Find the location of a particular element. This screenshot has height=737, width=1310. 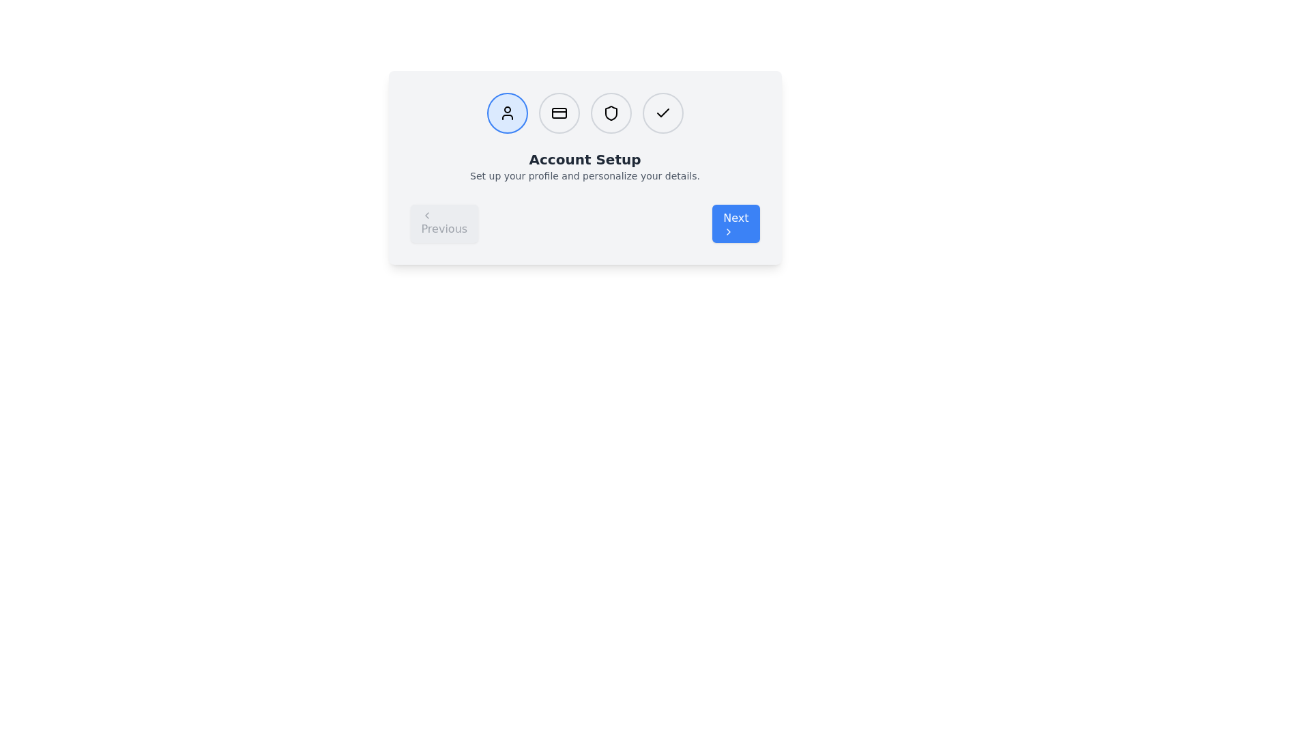

the Informational text block that displays the title and description for the 'Account Setup' process, which is centrally positioned within the card-like structure below the circular icons and above the 'Previous' and 'Next' buttons is located at coordinates (585, 167).